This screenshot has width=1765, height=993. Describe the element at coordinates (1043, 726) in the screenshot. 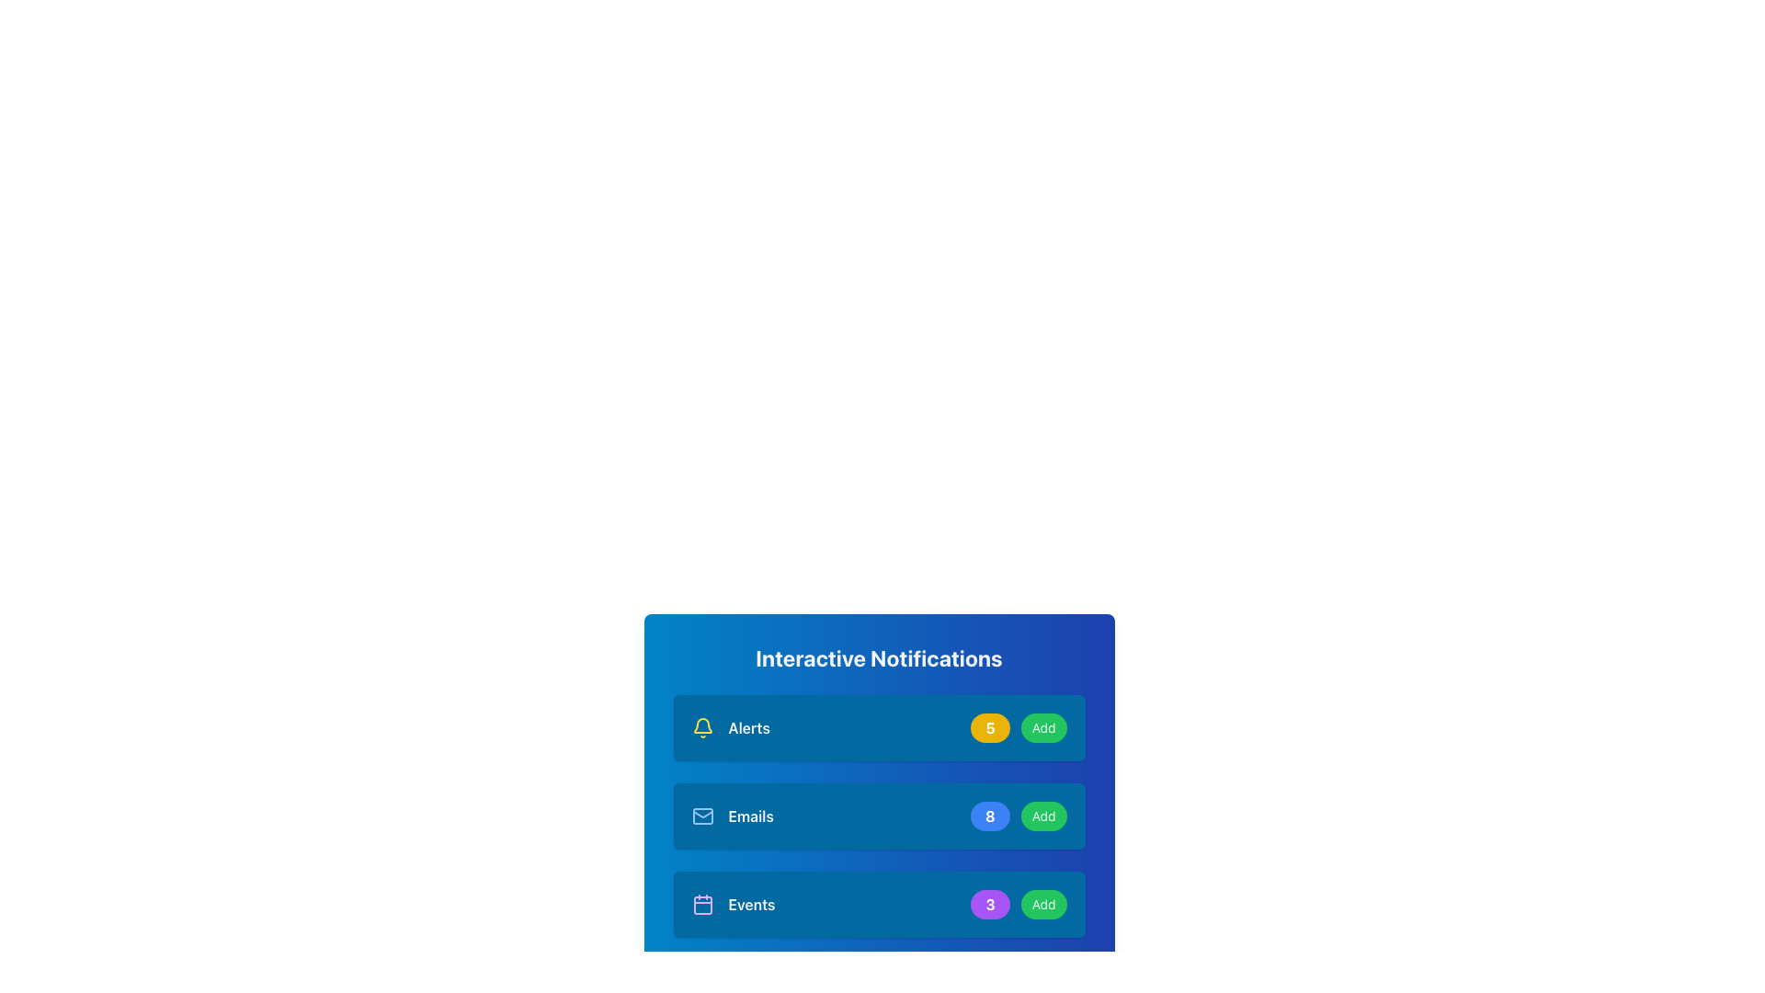

I see `the green pill-shaped button labeled 'Add' located in the first row under the 'Interactive Notifications' panel, to the right of a yellow circular badge with the text '5'` at that location.